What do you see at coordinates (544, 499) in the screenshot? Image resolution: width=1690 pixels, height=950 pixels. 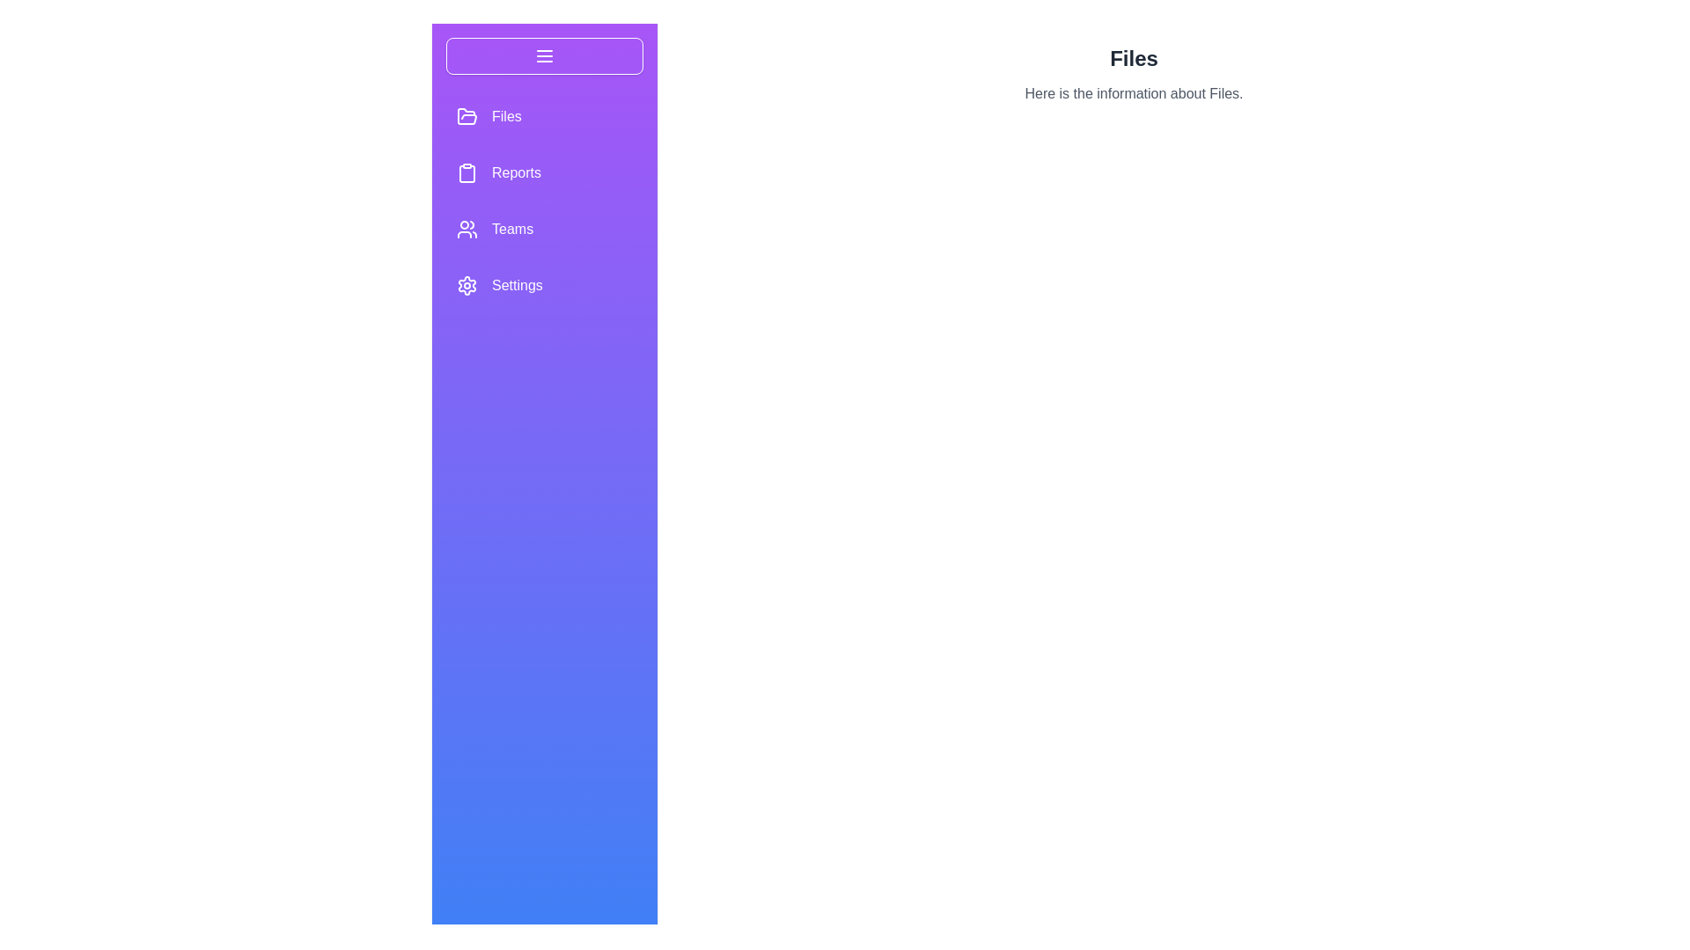 I see `the drawer background to interact with it` at bounding box center [544, 499].